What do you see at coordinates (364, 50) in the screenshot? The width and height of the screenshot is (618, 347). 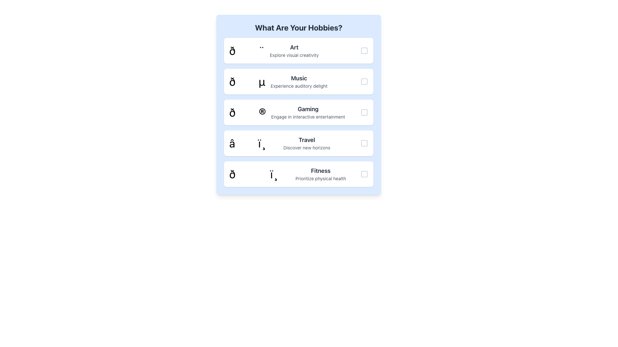 I see `the hollow square icon styled with a gray color located at the far right of the 'Art' option card to interact with keyboard actions` at bounding box center [364, 50].